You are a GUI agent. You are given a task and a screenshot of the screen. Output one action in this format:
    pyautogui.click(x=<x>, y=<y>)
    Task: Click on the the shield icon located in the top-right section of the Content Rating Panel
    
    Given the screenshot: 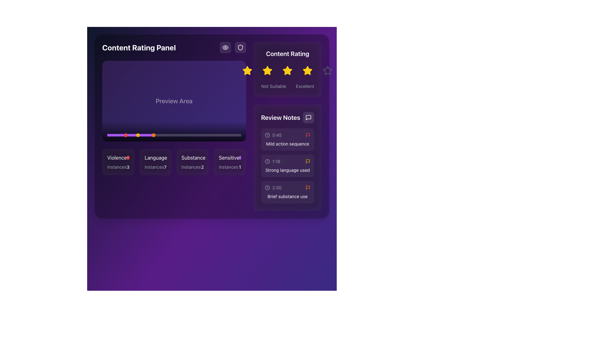 What is the action you would take?
    pyautogui.click(x=232, y=47)
    